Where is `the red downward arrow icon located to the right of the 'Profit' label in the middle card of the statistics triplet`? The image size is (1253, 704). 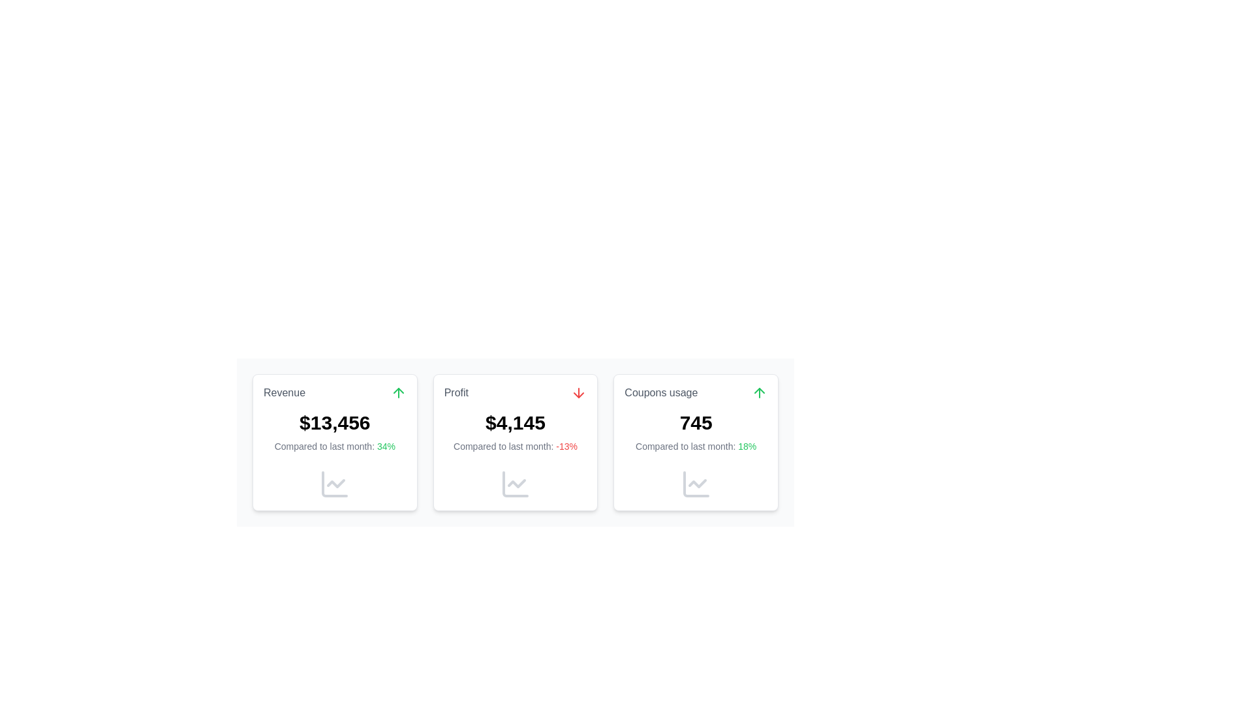
the red downward arrow icon located to the right of the 'Profit' label in the middle card of the statistics triplet is located at coordinates (578, 392).